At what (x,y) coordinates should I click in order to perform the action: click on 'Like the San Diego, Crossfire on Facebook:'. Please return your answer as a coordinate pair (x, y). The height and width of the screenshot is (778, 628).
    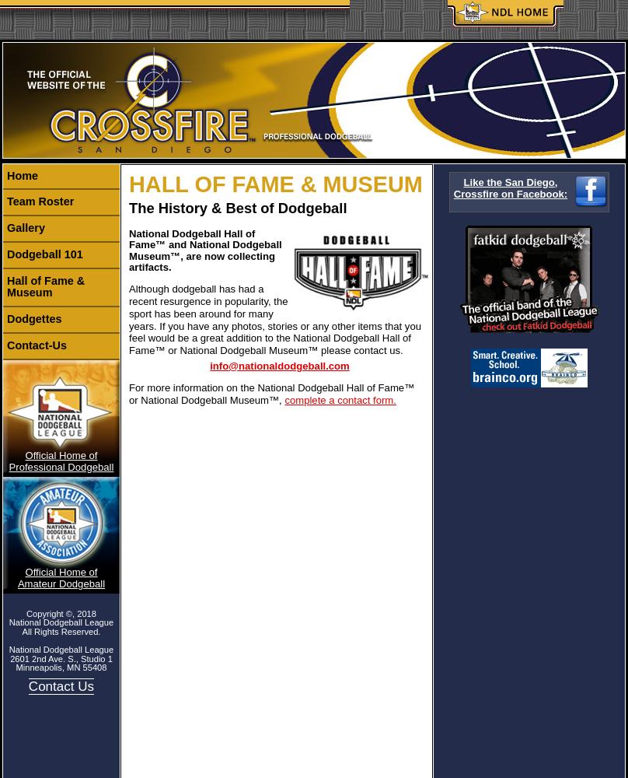
    Looking at the image, I should click on (510, 187).